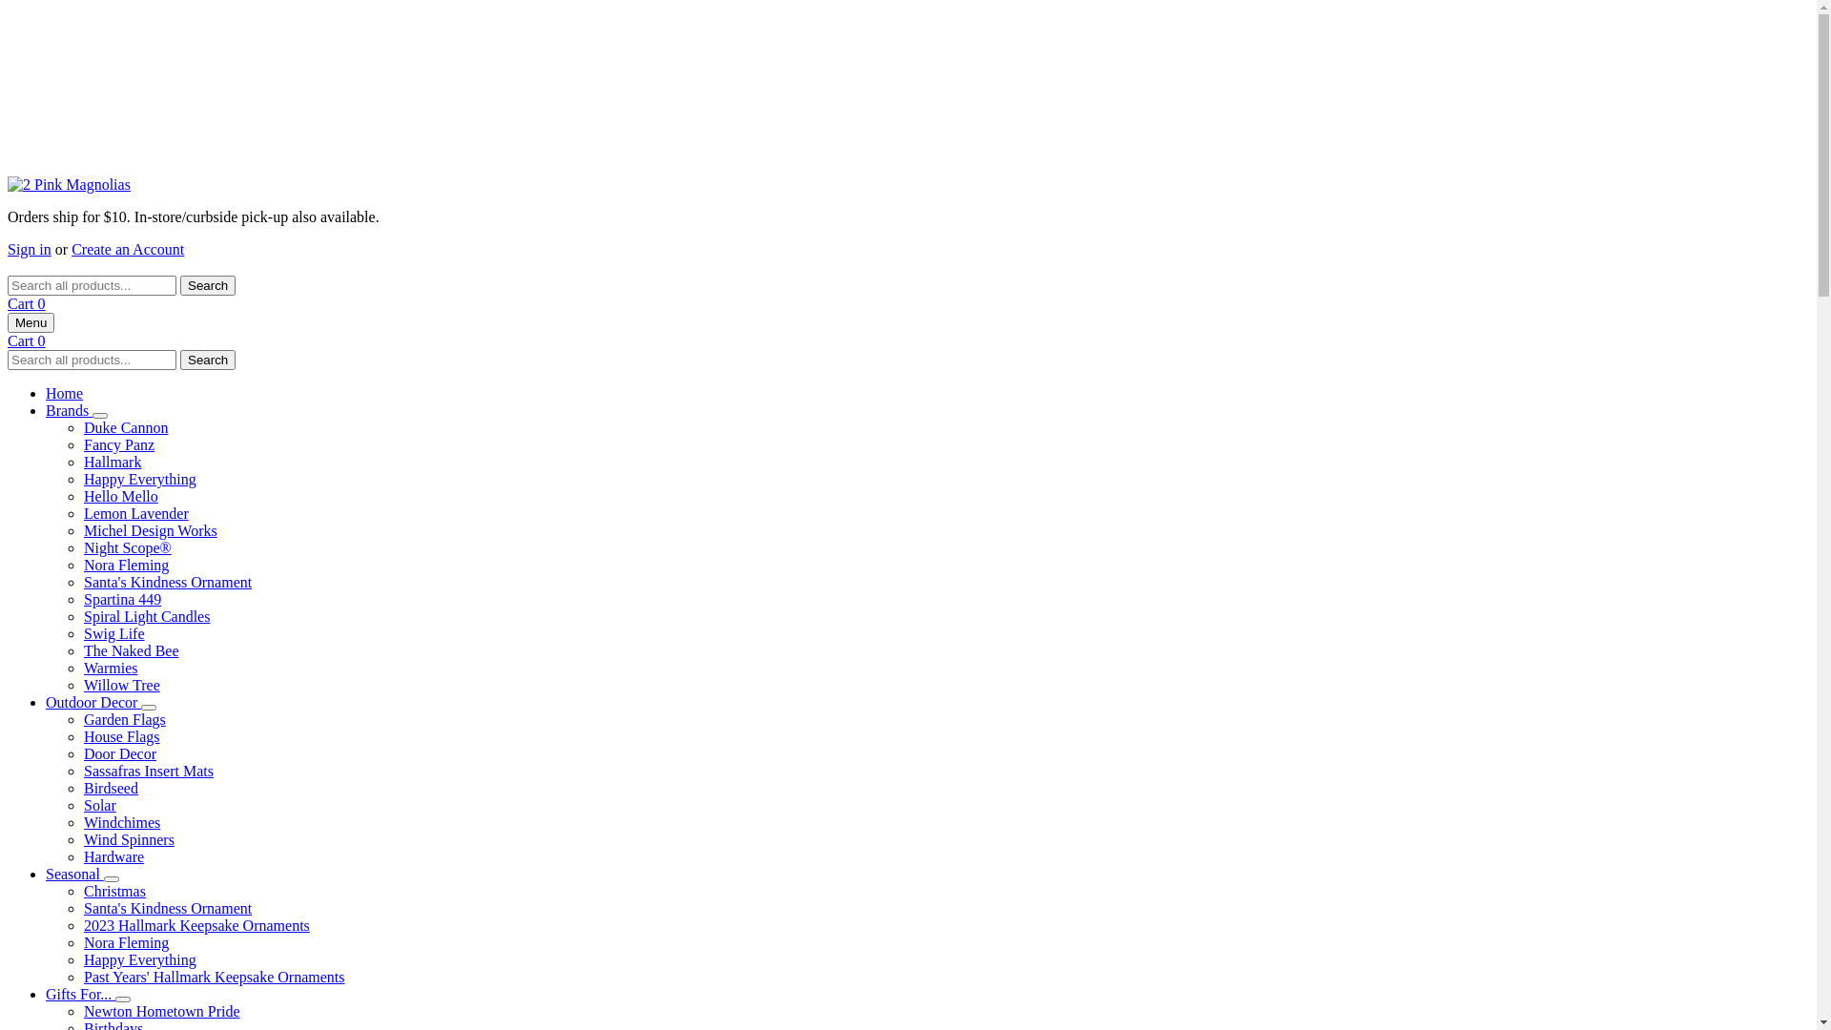 This screenshot has width=1831, height=1030. Describe the element at coordinates (79, 993) in the screenshot. I see `'Gifts For...'` at that location.